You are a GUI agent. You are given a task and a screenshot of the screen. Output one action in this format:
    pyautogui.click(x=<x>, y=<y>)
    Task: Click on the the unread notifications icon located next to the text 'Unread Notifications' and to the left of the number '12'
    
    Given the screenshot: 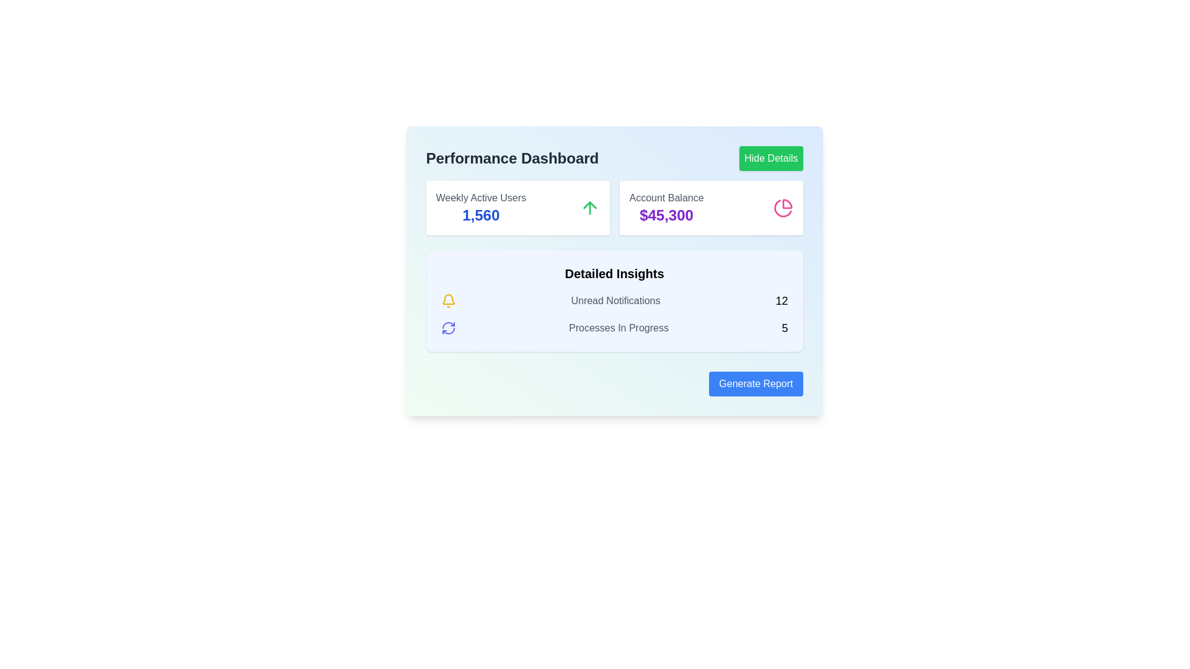 What is the action you would take?
    pyautogui.click(x=447, y=301)
    